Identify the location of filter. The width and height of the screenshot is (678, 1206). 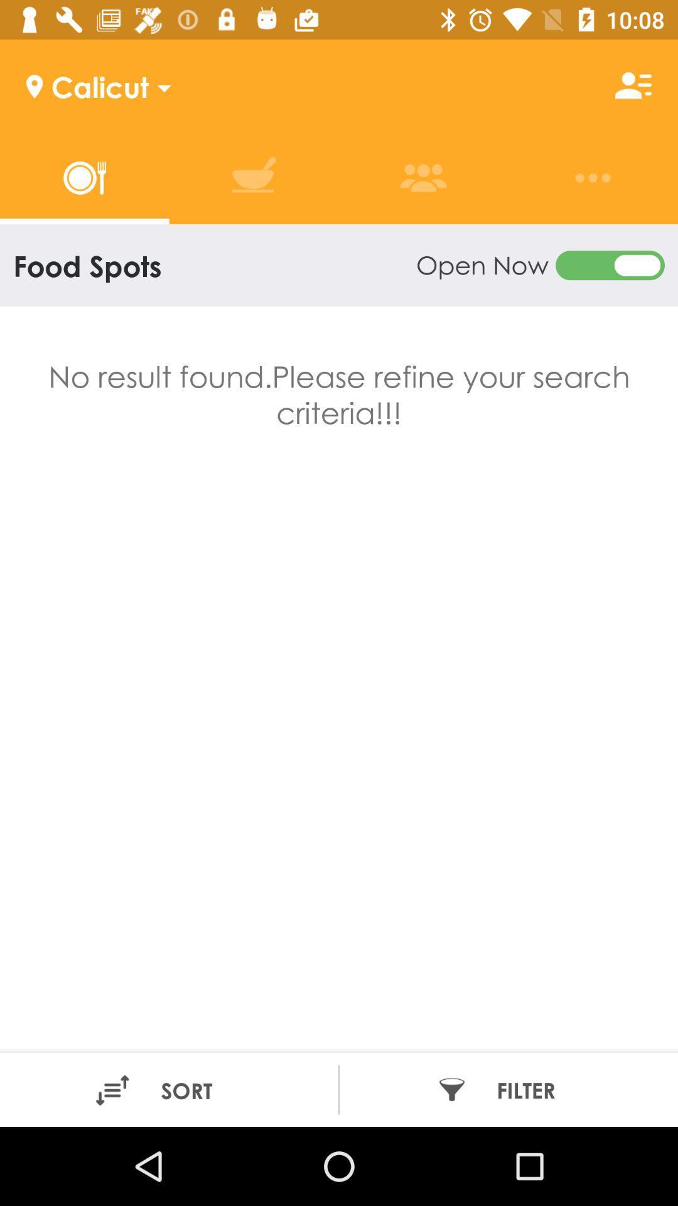
(503, 1089).